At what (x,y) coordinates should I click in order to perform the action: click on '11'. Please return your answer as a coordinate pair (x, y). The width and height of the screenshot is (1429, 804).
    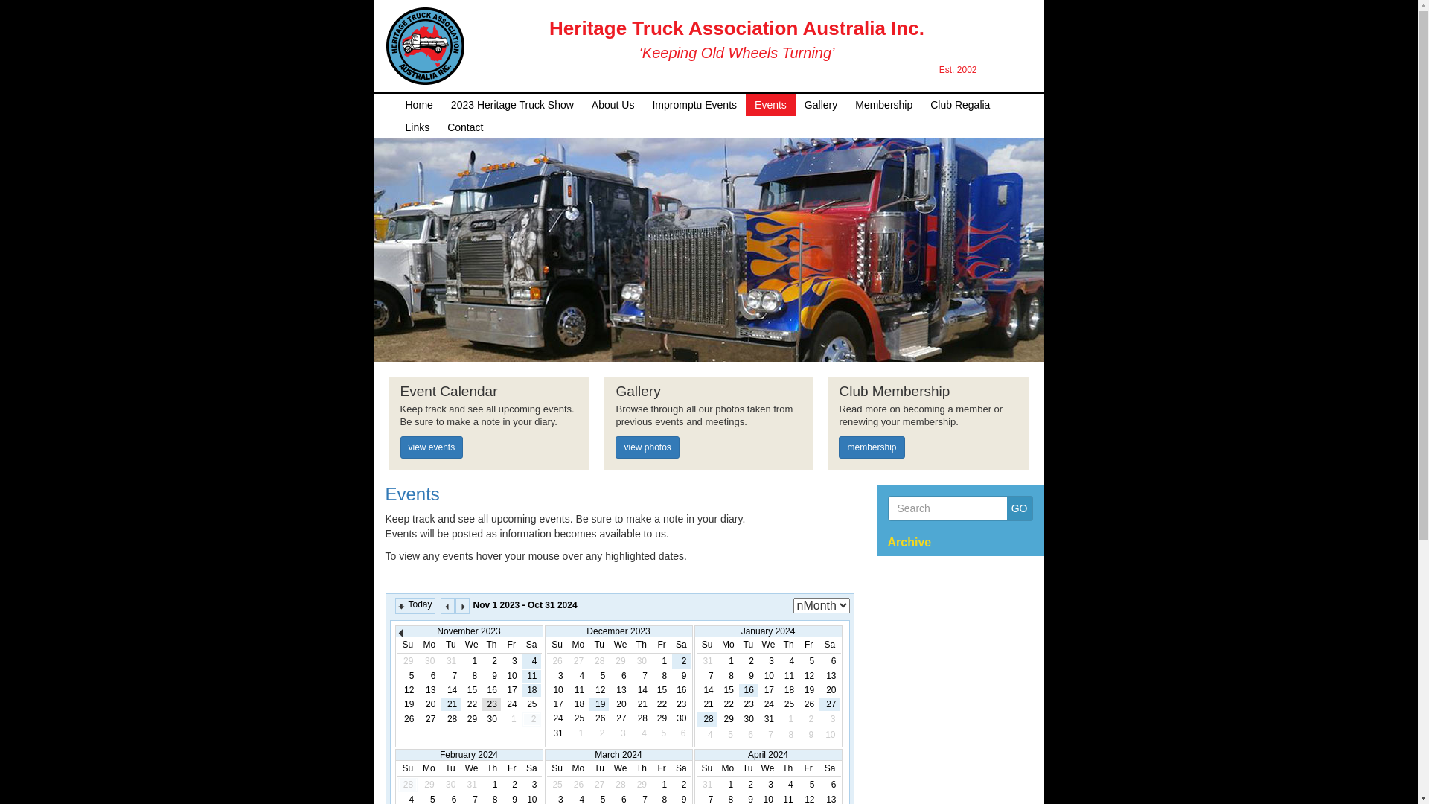
    Looking at the image, I should click on (522, 676).